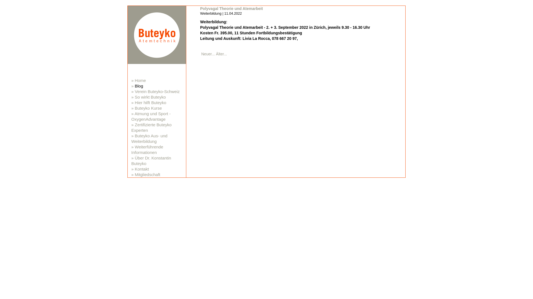 Image resolution: width=533 pixels, height=299 pixels. Describe the element at coordinates (208, 54) in the screenshot. I see `'Neuer...'` at that location.